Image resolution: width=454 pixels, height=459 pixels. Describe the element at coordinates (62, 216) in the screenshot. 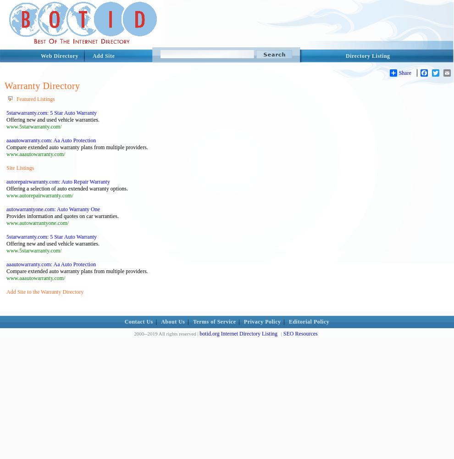

I see `'Provides information and quotes on car warranties.'` at that location.